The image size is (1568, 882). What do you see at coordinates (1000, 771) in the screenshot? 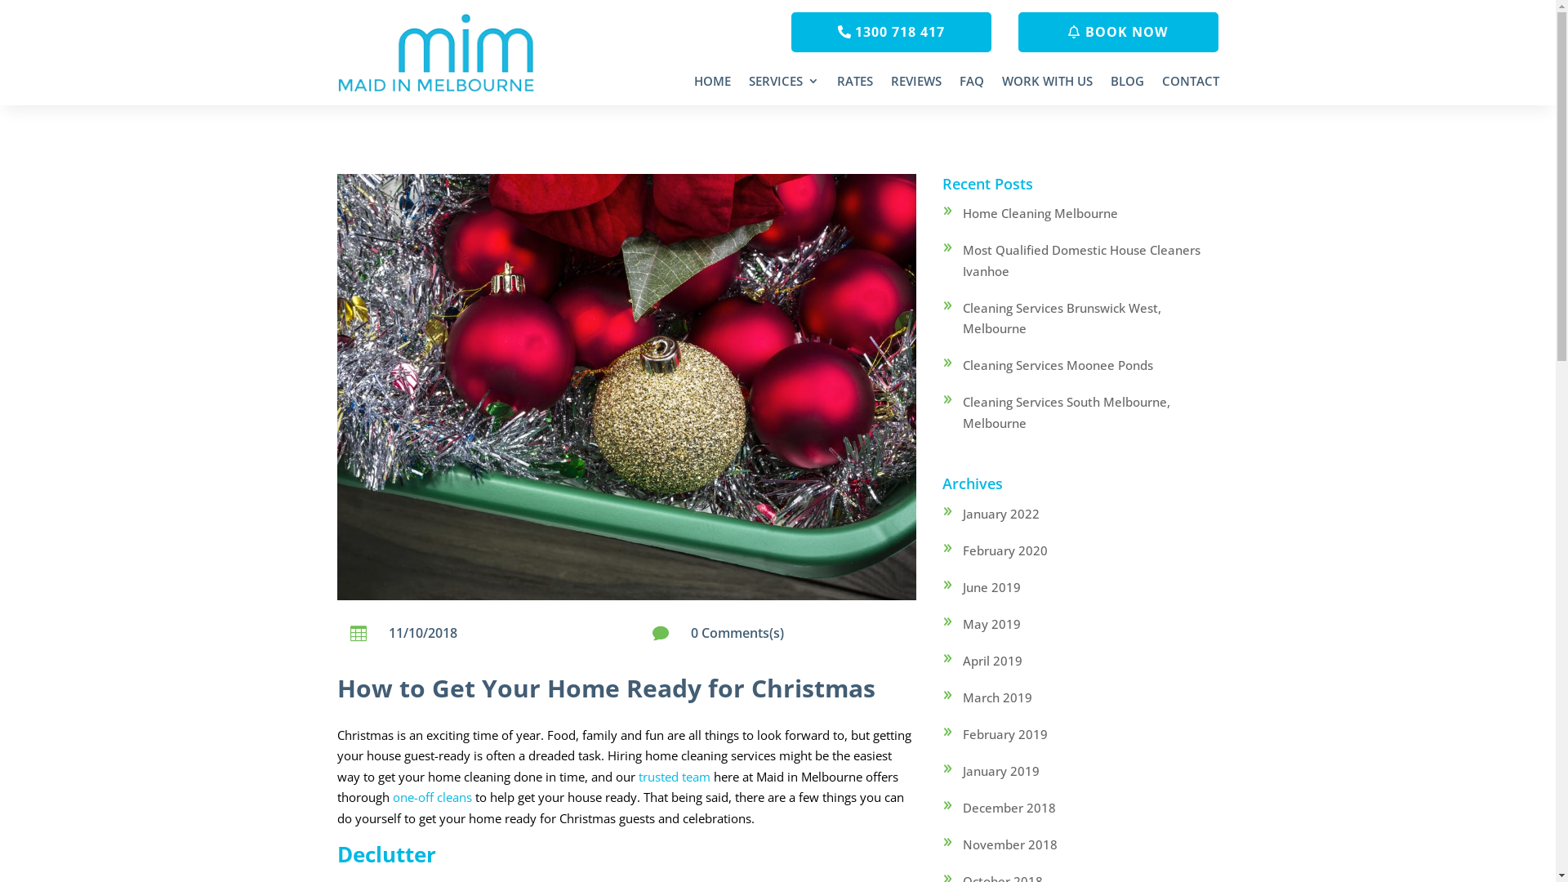
I see `'January 2019'` at bounding box center [1000, 771].